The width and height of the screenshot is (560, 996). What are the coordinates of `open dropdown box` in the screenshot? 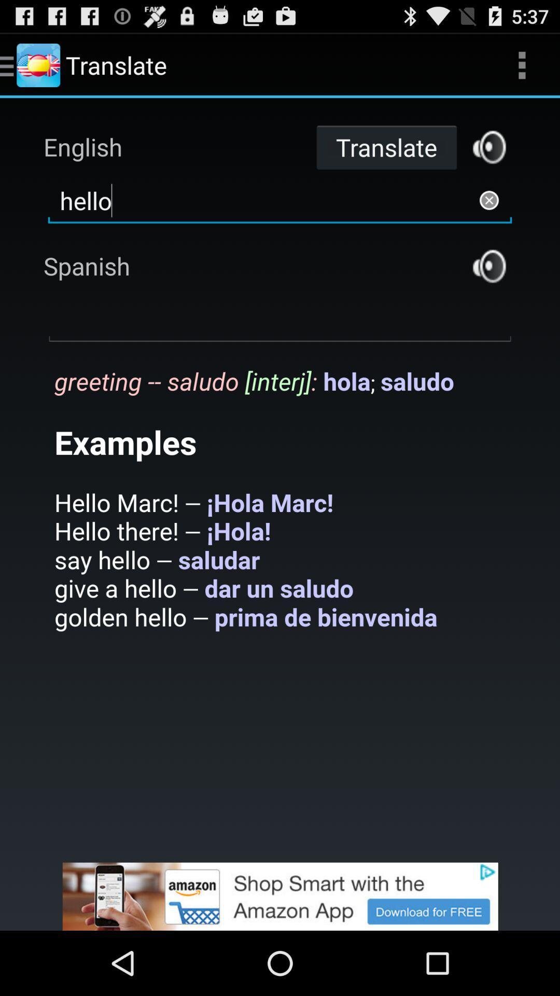 It's located at (280, 320).